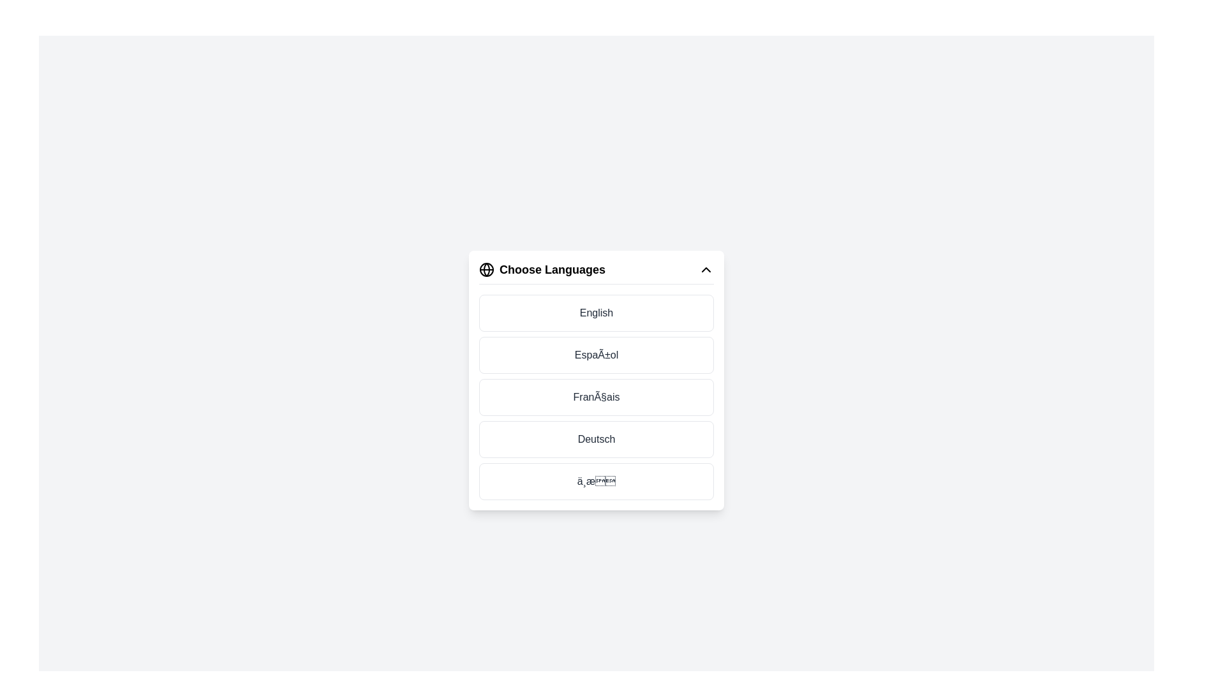 The width and height of the screenshot is (1225, 689). I want to click on the text labeled 'ä¸­æ–‡' which is the sixth option in the 'Choose Languages' section, so click(596, 480).